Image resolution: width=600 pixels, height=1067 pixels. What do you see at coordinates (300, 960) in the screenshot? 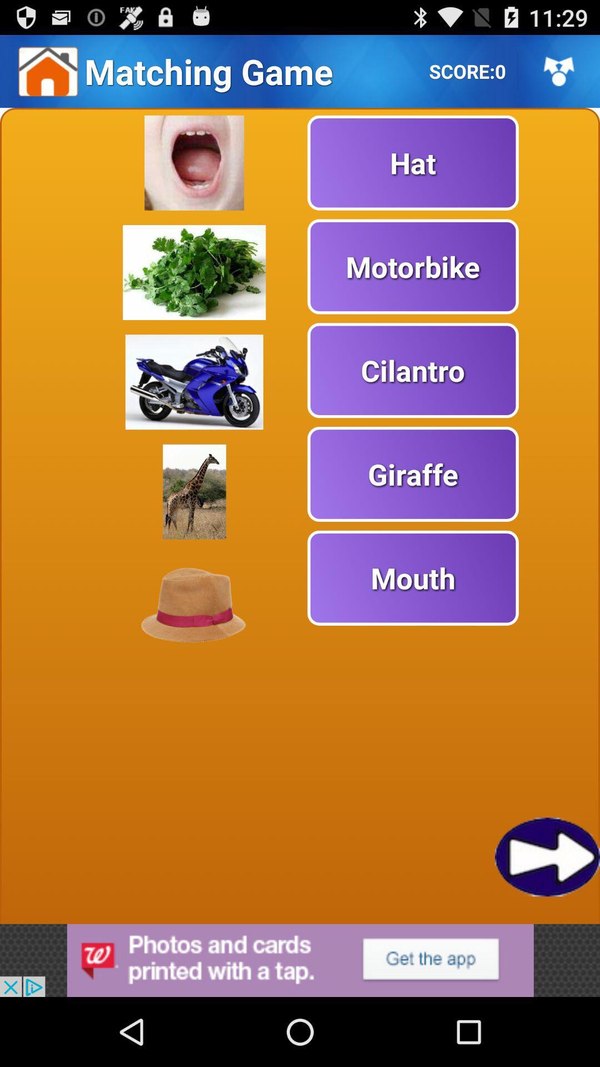
I see `advertisement link` at bounding box center [300, 960].